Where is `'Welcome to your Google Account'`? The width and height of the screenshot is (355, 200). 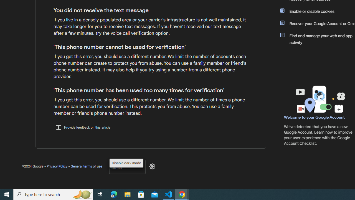 'Welcome to your Google Account' is located at coordinates (315, 117).